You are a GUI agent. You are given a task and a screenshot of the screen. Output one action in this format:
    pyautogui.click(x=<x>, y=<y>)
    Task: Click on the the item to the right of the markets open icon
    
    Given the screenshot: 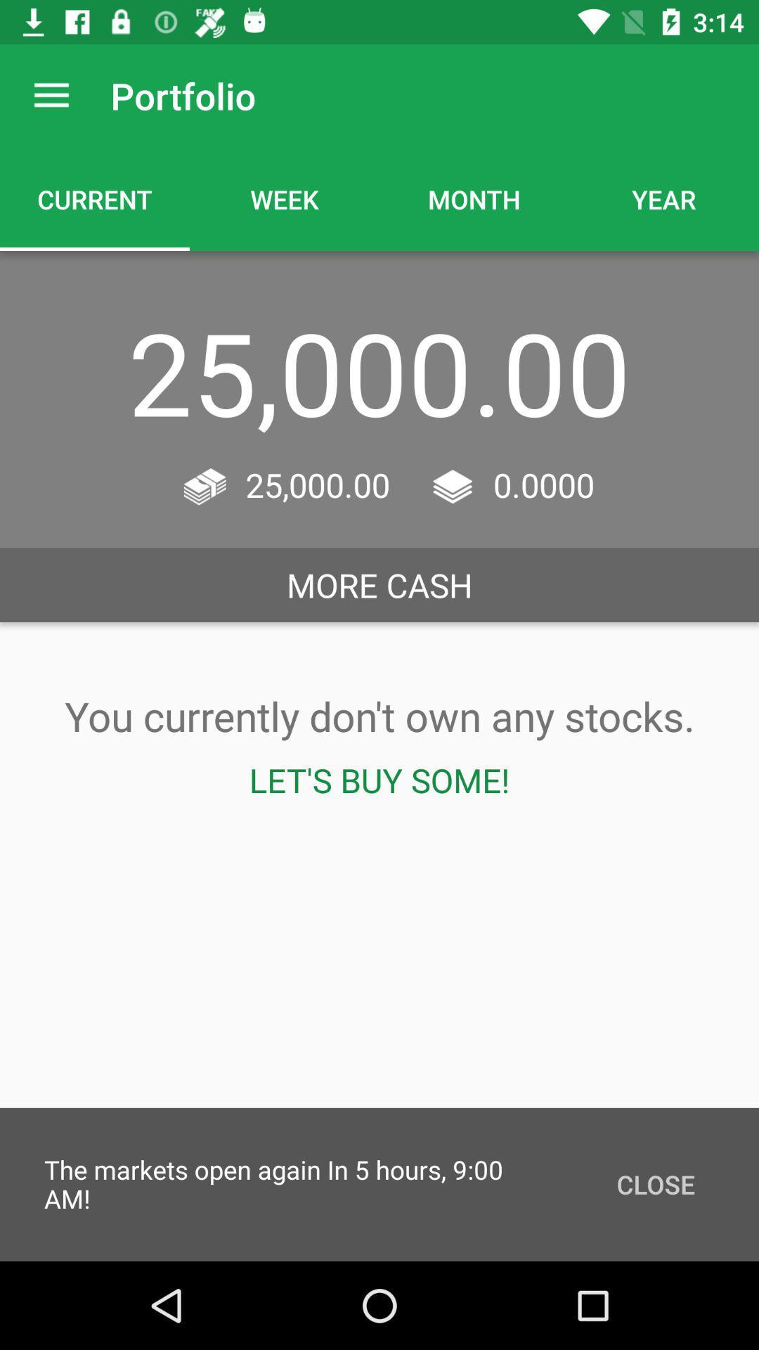 What is the action you would take?
    pyautogui.click(x=656, y=1183)
    